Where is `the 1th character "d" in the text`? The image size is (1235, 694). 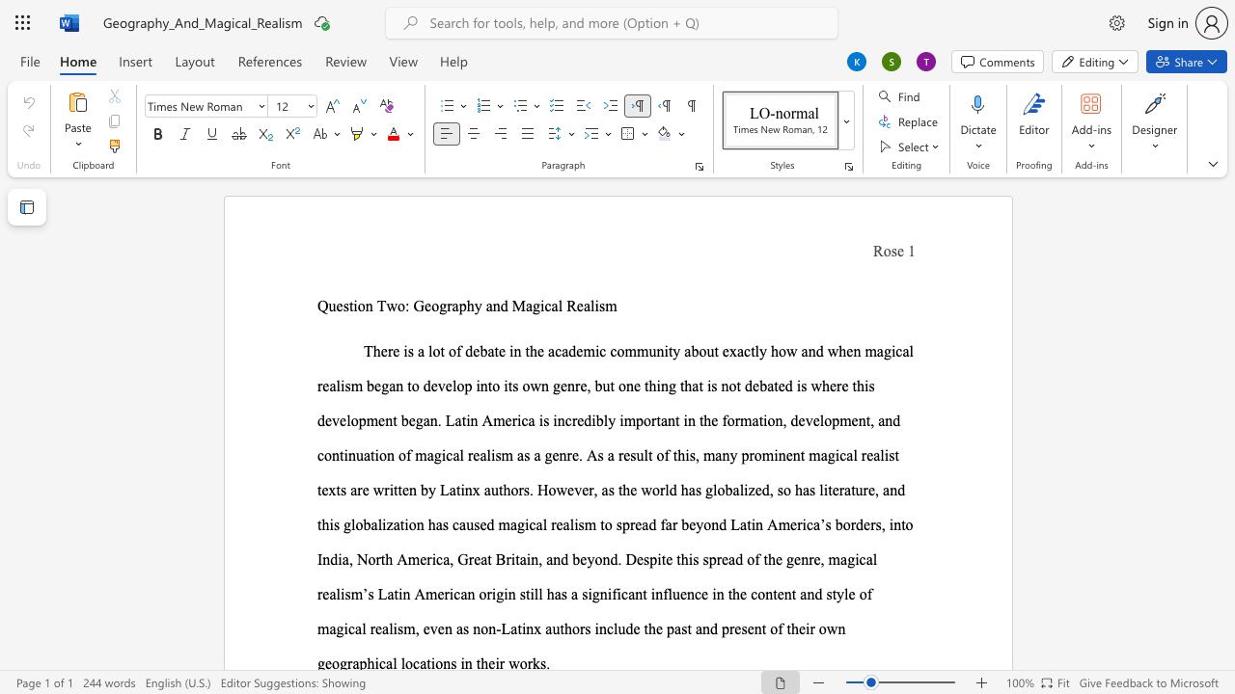
the 1th character "d" in the text is located at coordinates (504, 305).